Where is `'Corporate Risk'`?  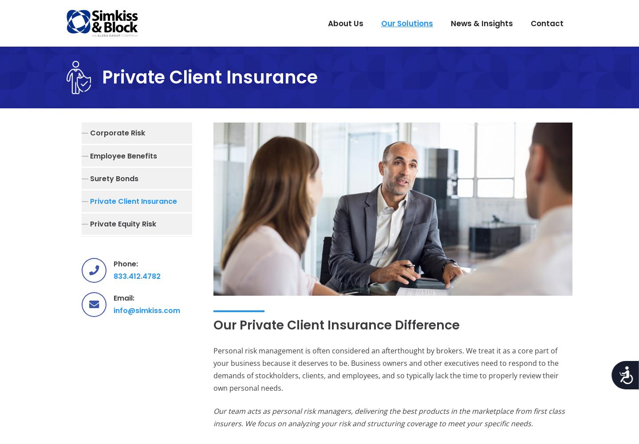 'Corporate Risk' is located at coordinates (90, 133).